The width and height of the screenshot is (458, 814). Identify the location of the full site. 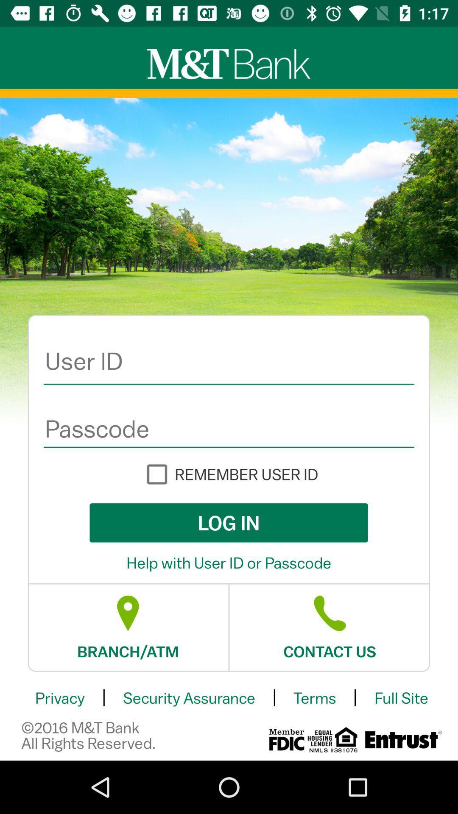
(401, 698).